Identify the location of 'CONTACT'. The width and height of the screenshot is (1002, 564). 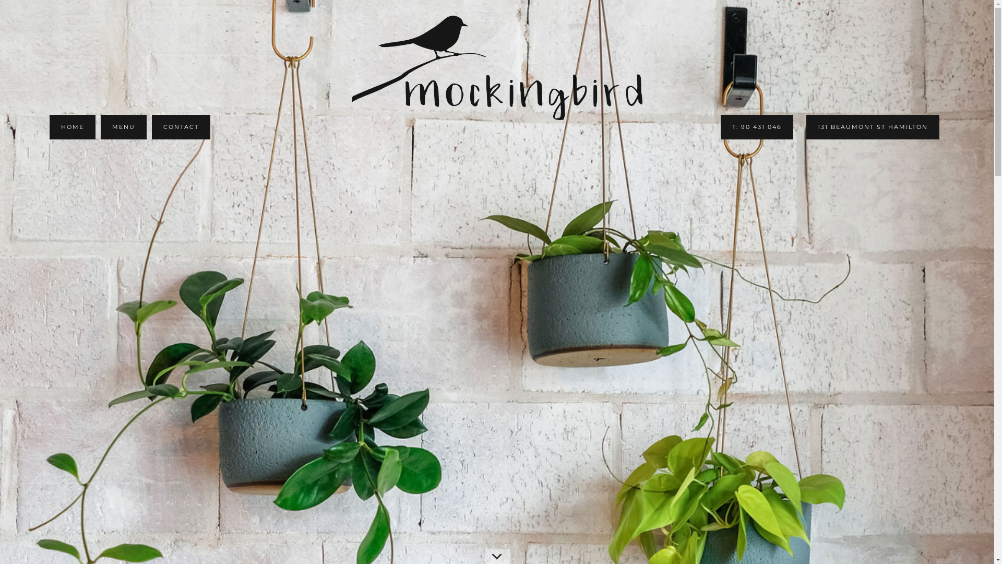
(151, 126).